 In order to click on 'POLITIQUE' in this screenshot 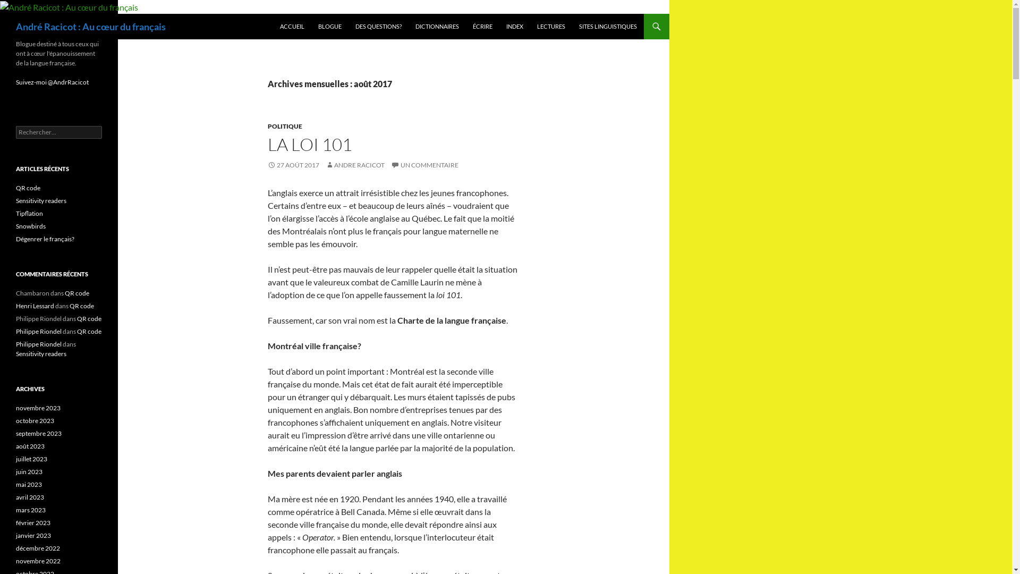, I will do `click(268, 125)`.